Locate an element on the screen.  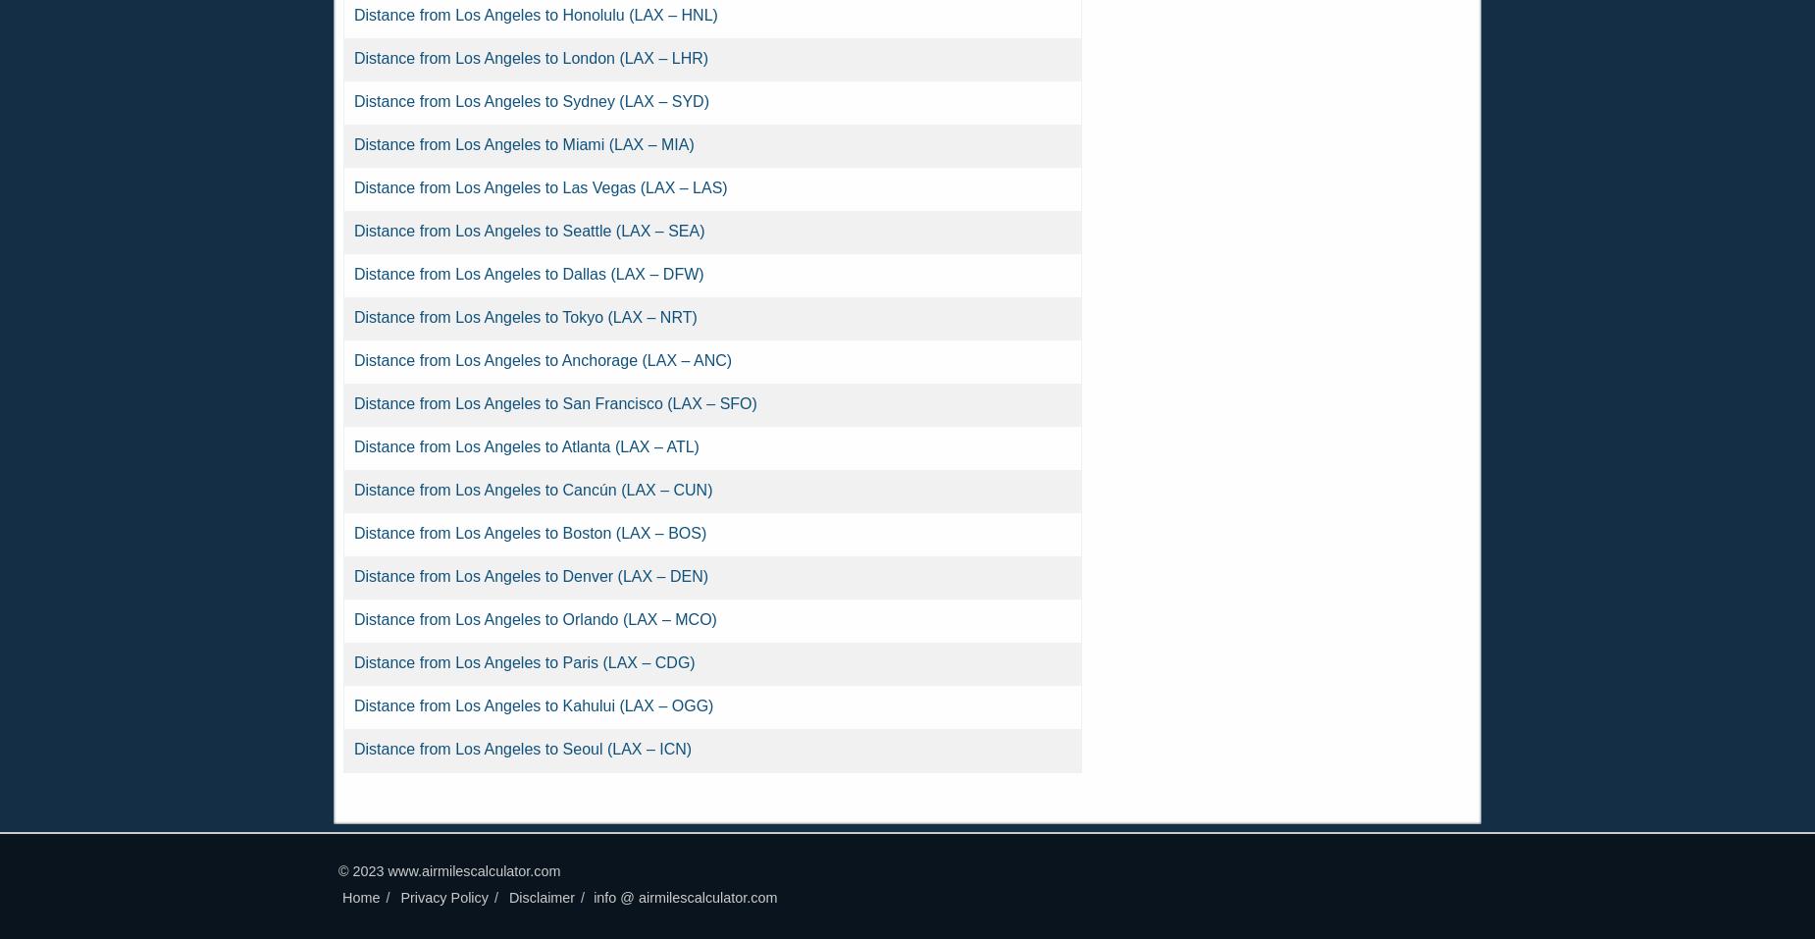
'Distance from Los Angeles to Tokyo (LAX – NRT)' is located at coordinates (352, 317).